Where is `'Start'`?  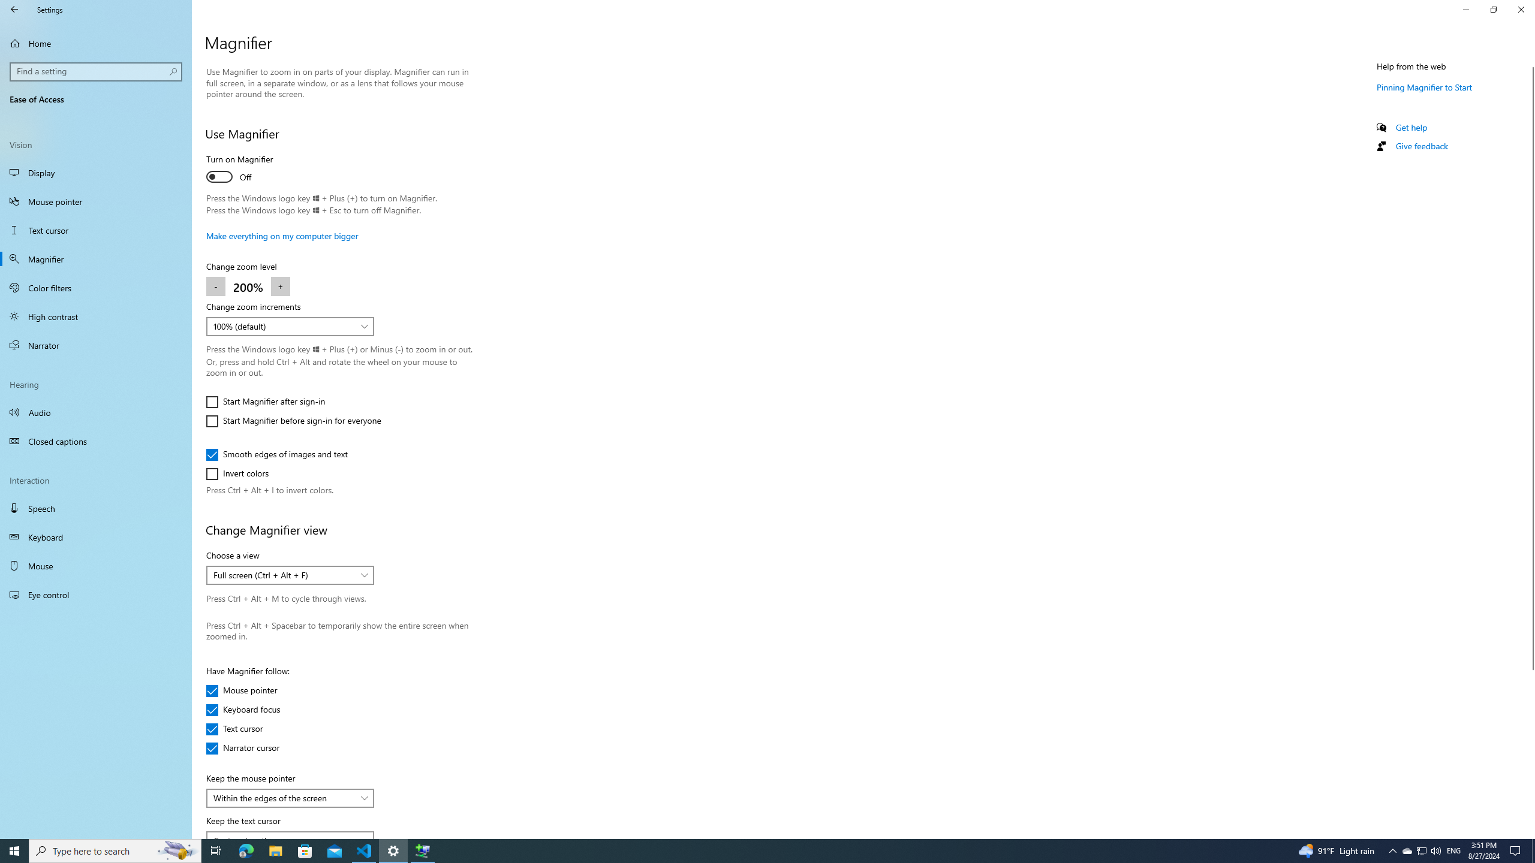
'Start' is located at coordinates (14, 850).